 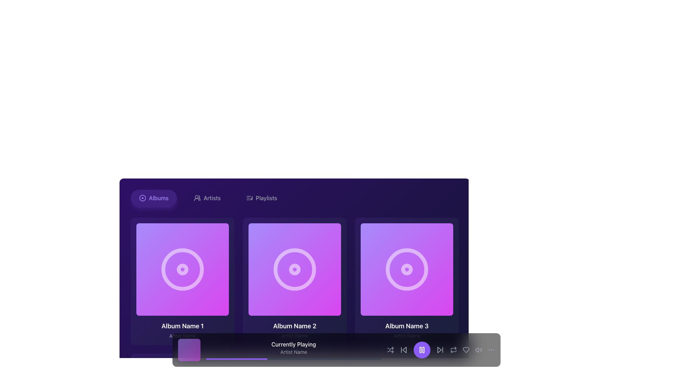 I want to click on the hollow circular icon with a filled center located inside the 'Albums' button on the top menu bar by moving the cursor to it, so click(x=142, y=198).